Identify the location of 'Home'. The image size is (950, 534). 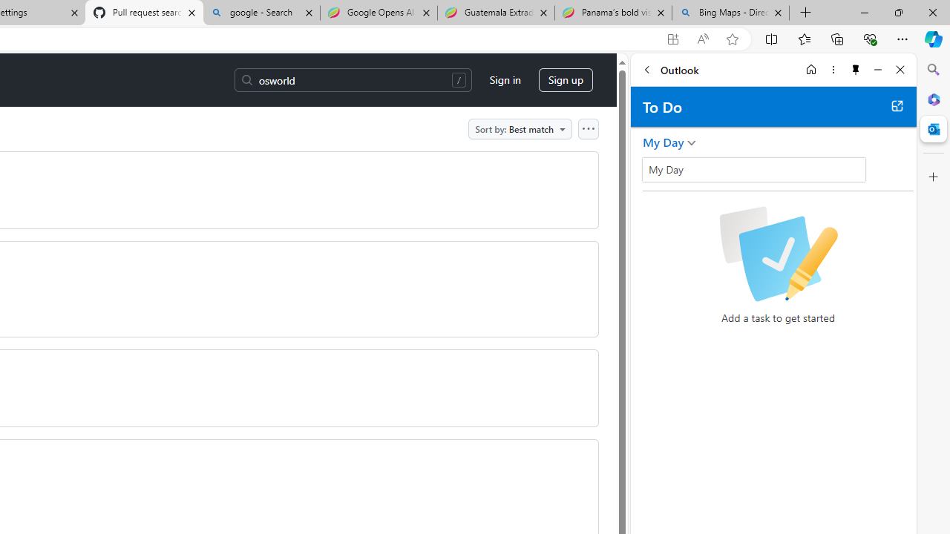
(810, 69).